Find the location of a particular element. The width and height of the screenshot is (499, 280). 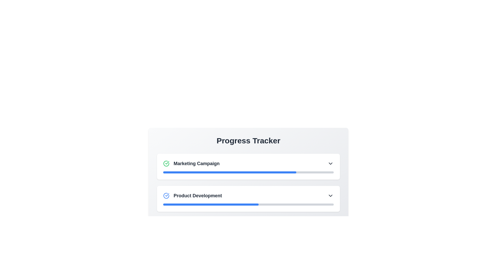

the completion icon for 'Marketing Campaign' located to the left of the associated text in the progress tracker interface is located at coordinates (166, 164).